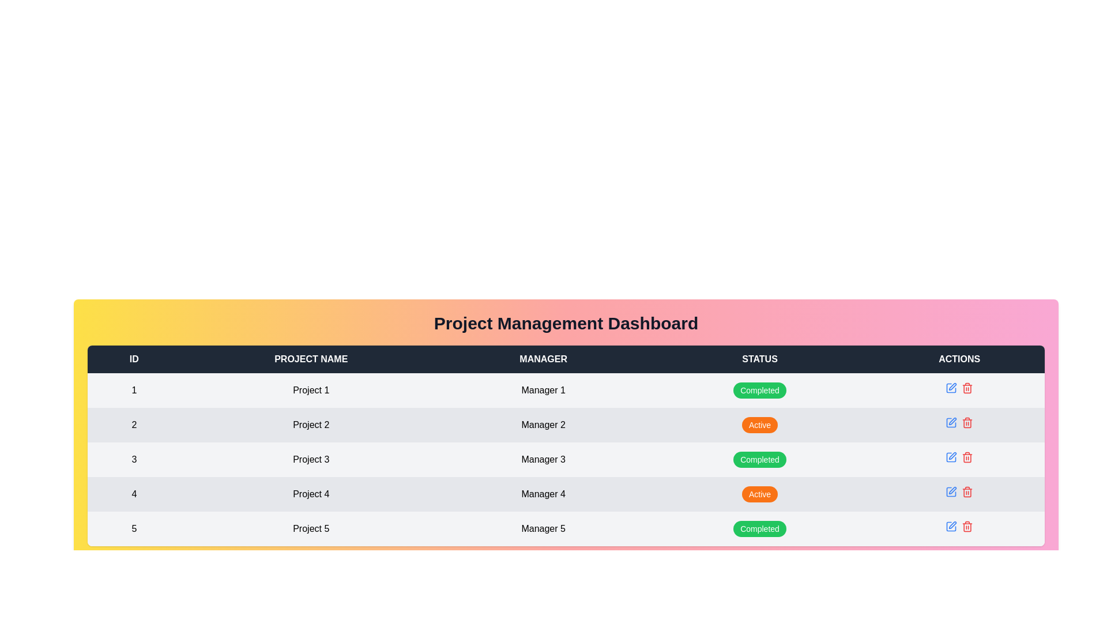 This screenshot has width=1107, height=623. Describe the element at coordinates (760, 425) in the screenshot. I see `the status label that is a rounded button with an orange background and white text reading 'Active', located in the STATUS column of the second row under the header 'STATUS' next to 'Manager 2'` at that location.